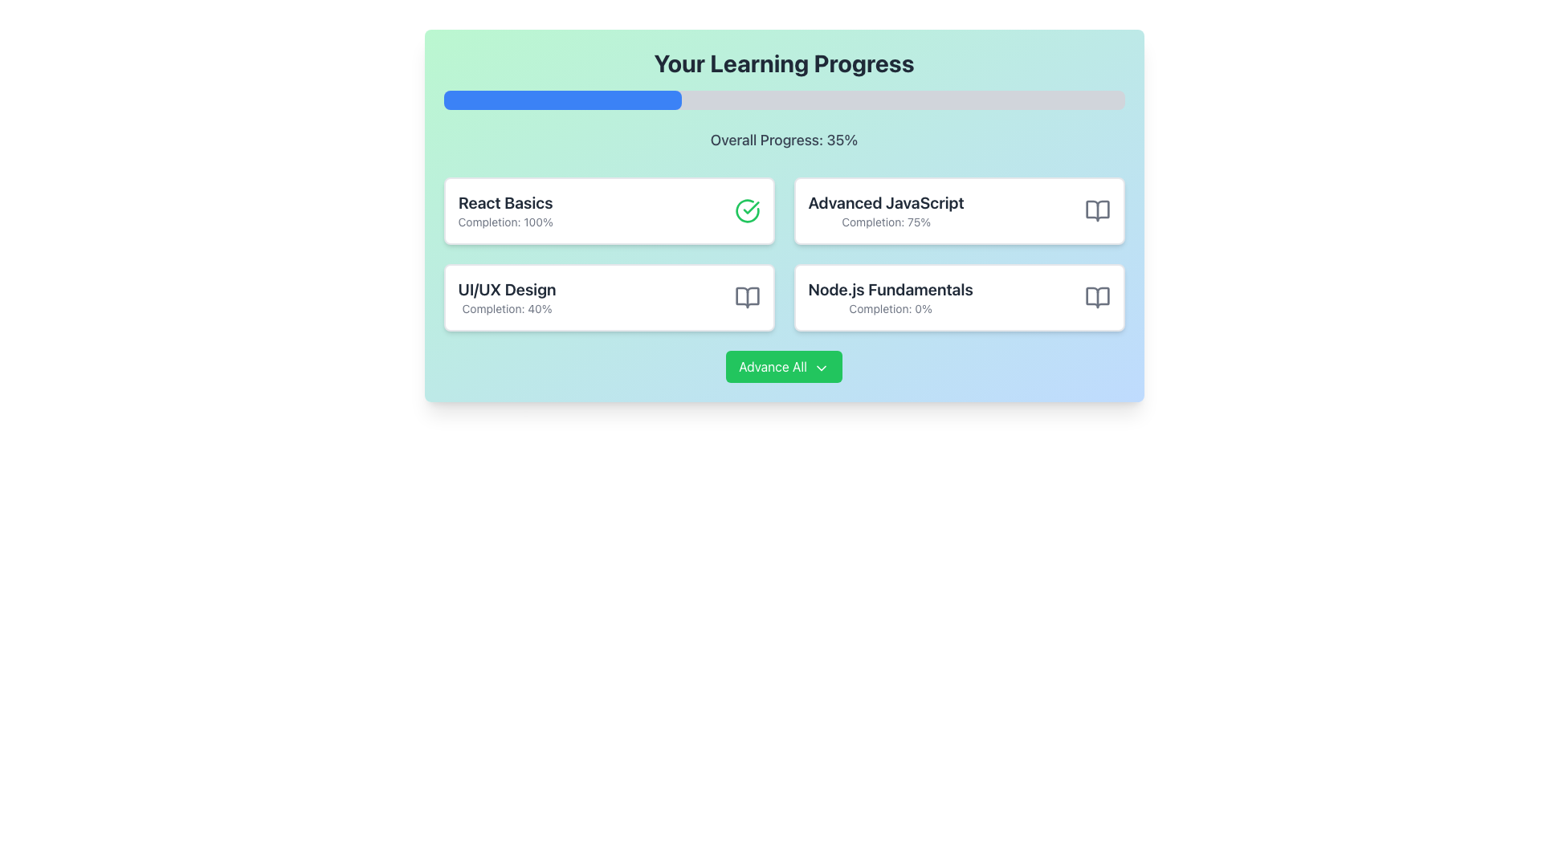 Image resolution: width=1542 pixels, height=867 pixels. I want to click on the progress bar that indicates 35% completion, located below 'Your Learning Progress' and above 'Overall Progress: 35%', so click(784, 100).